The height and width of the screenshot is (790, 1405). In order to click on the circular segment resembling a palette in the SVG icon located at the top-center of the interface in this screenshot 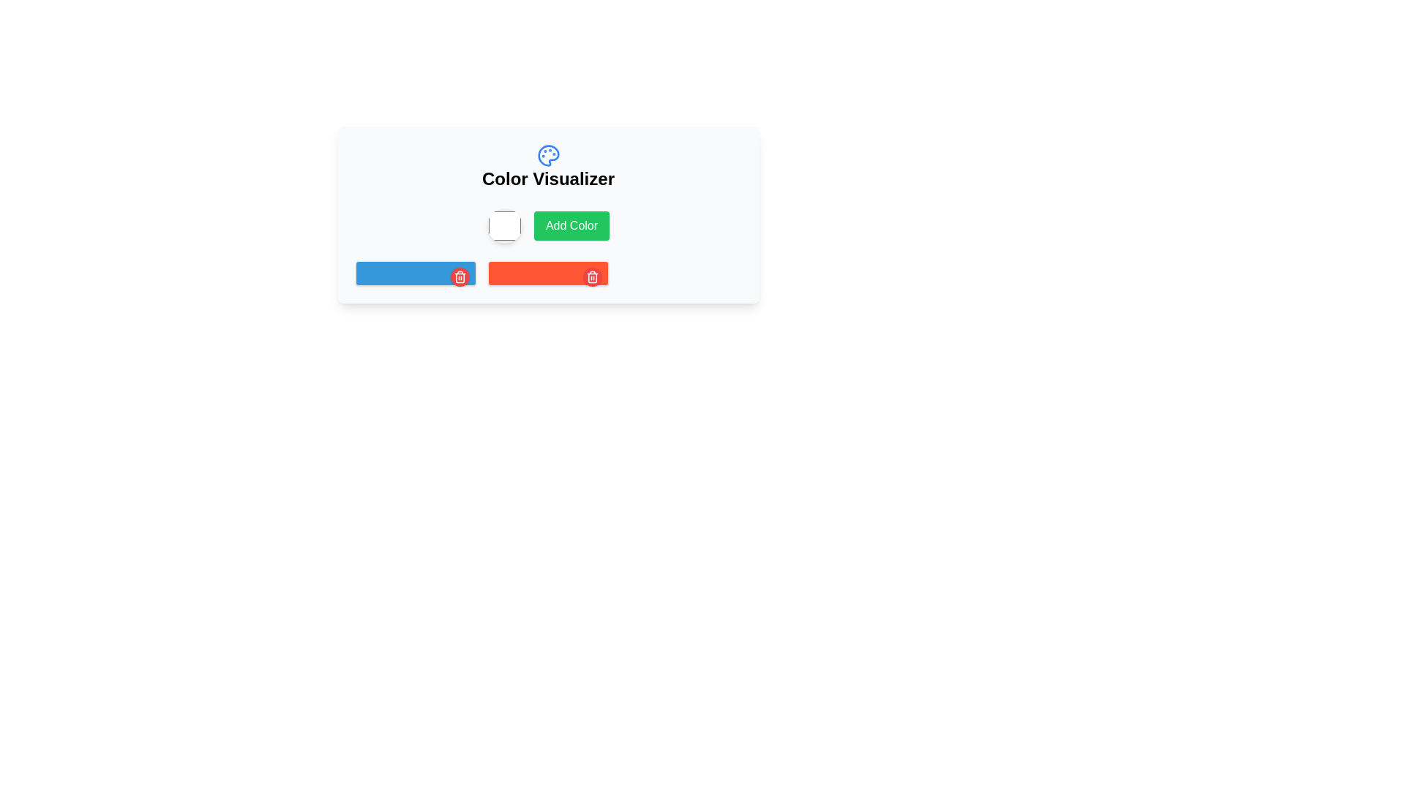, I will do `click(547, 155)`.